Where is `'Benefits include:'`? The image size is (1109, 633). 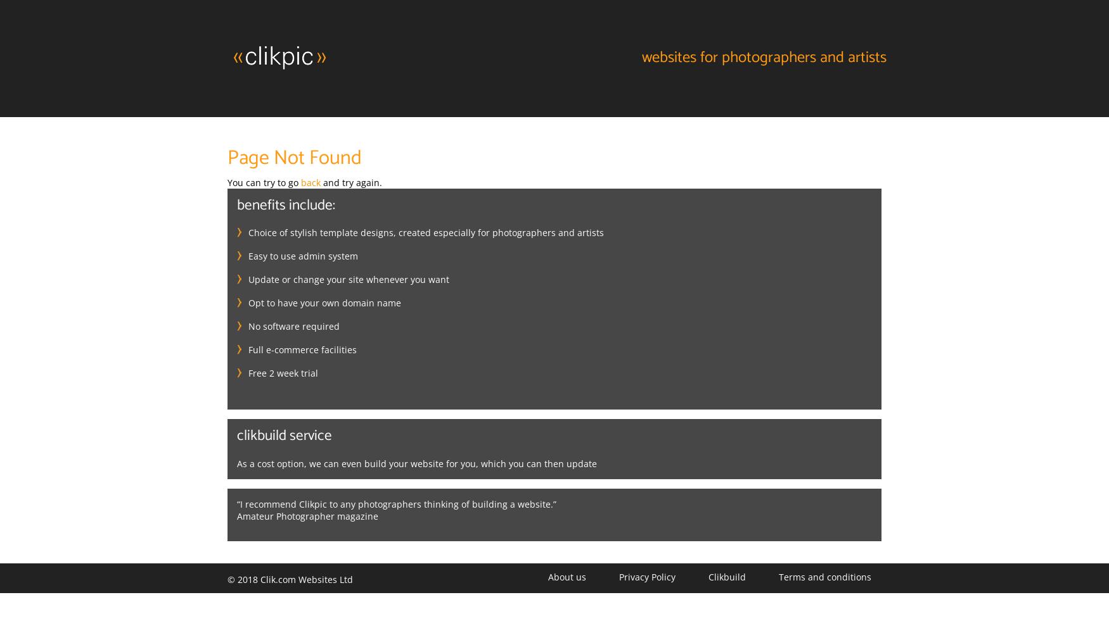
'Benefits include:' is located at coordinates (286, 204).